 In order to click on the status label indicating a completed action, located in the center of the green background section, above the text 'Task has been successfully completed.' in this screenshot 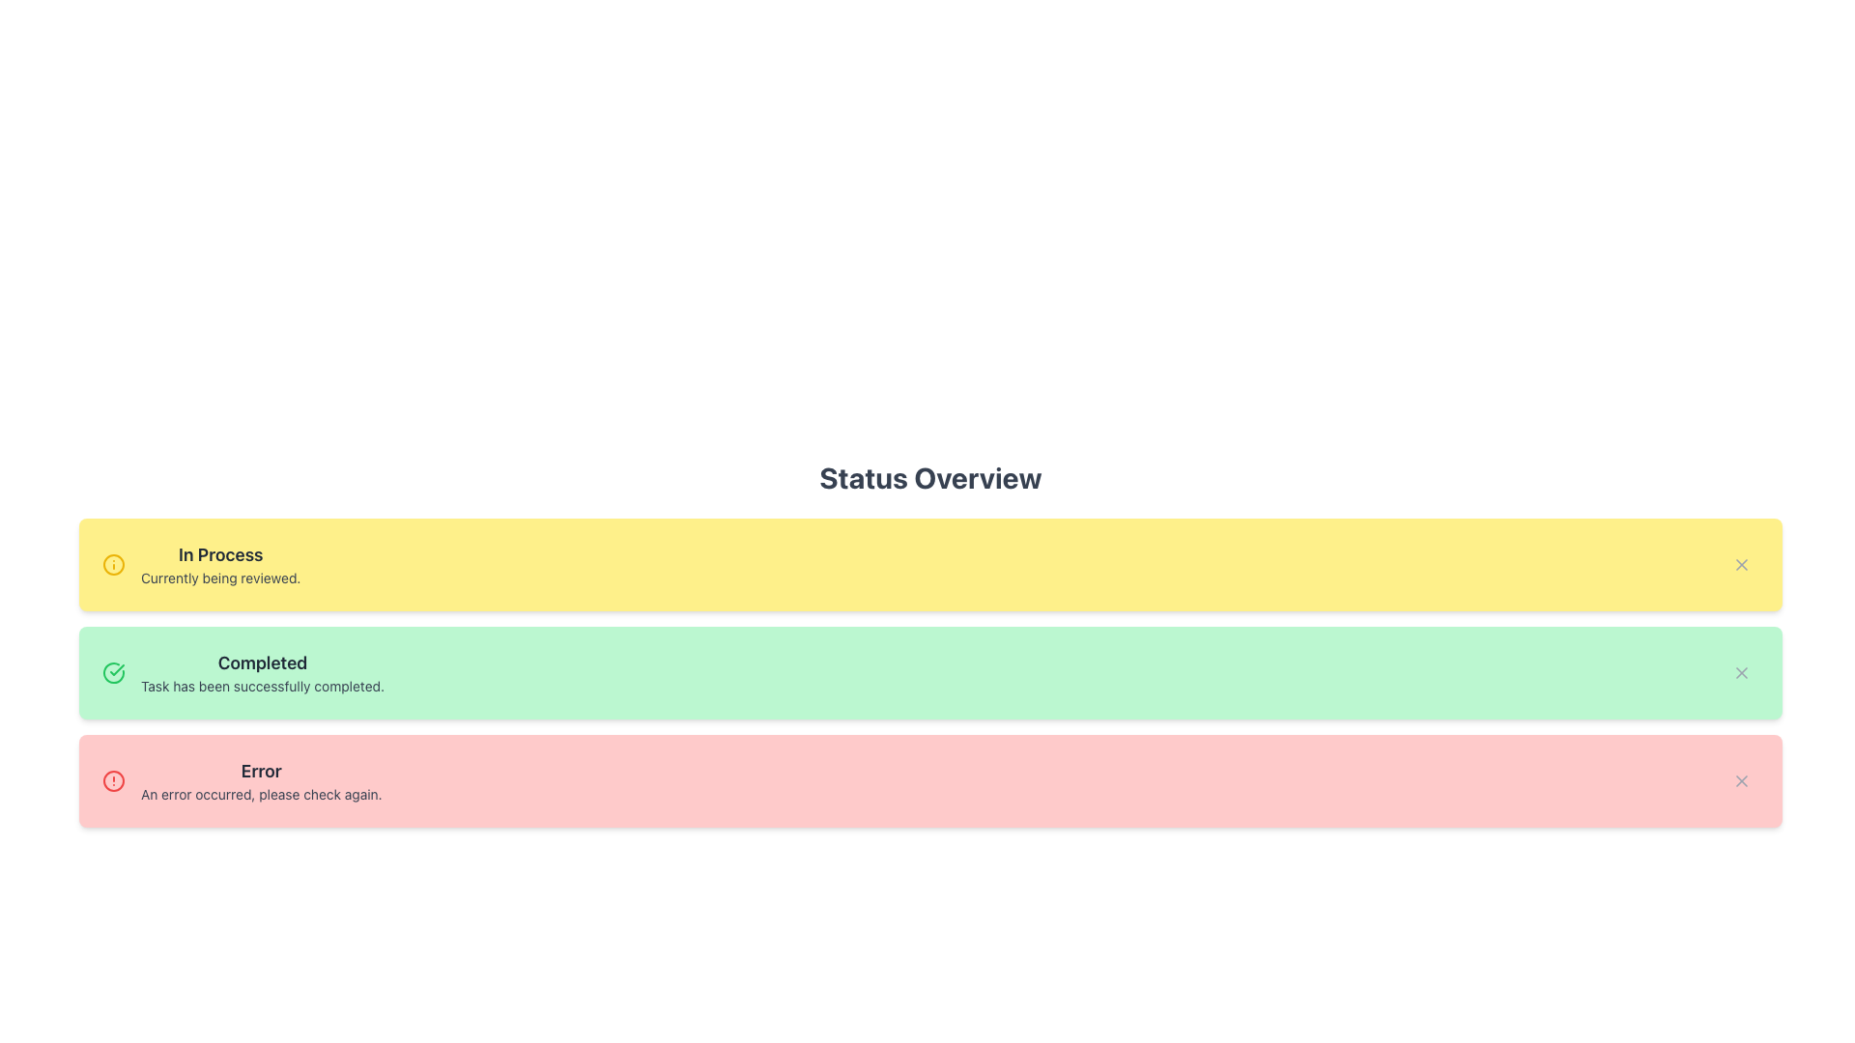, I will do `click(262, 662)`.